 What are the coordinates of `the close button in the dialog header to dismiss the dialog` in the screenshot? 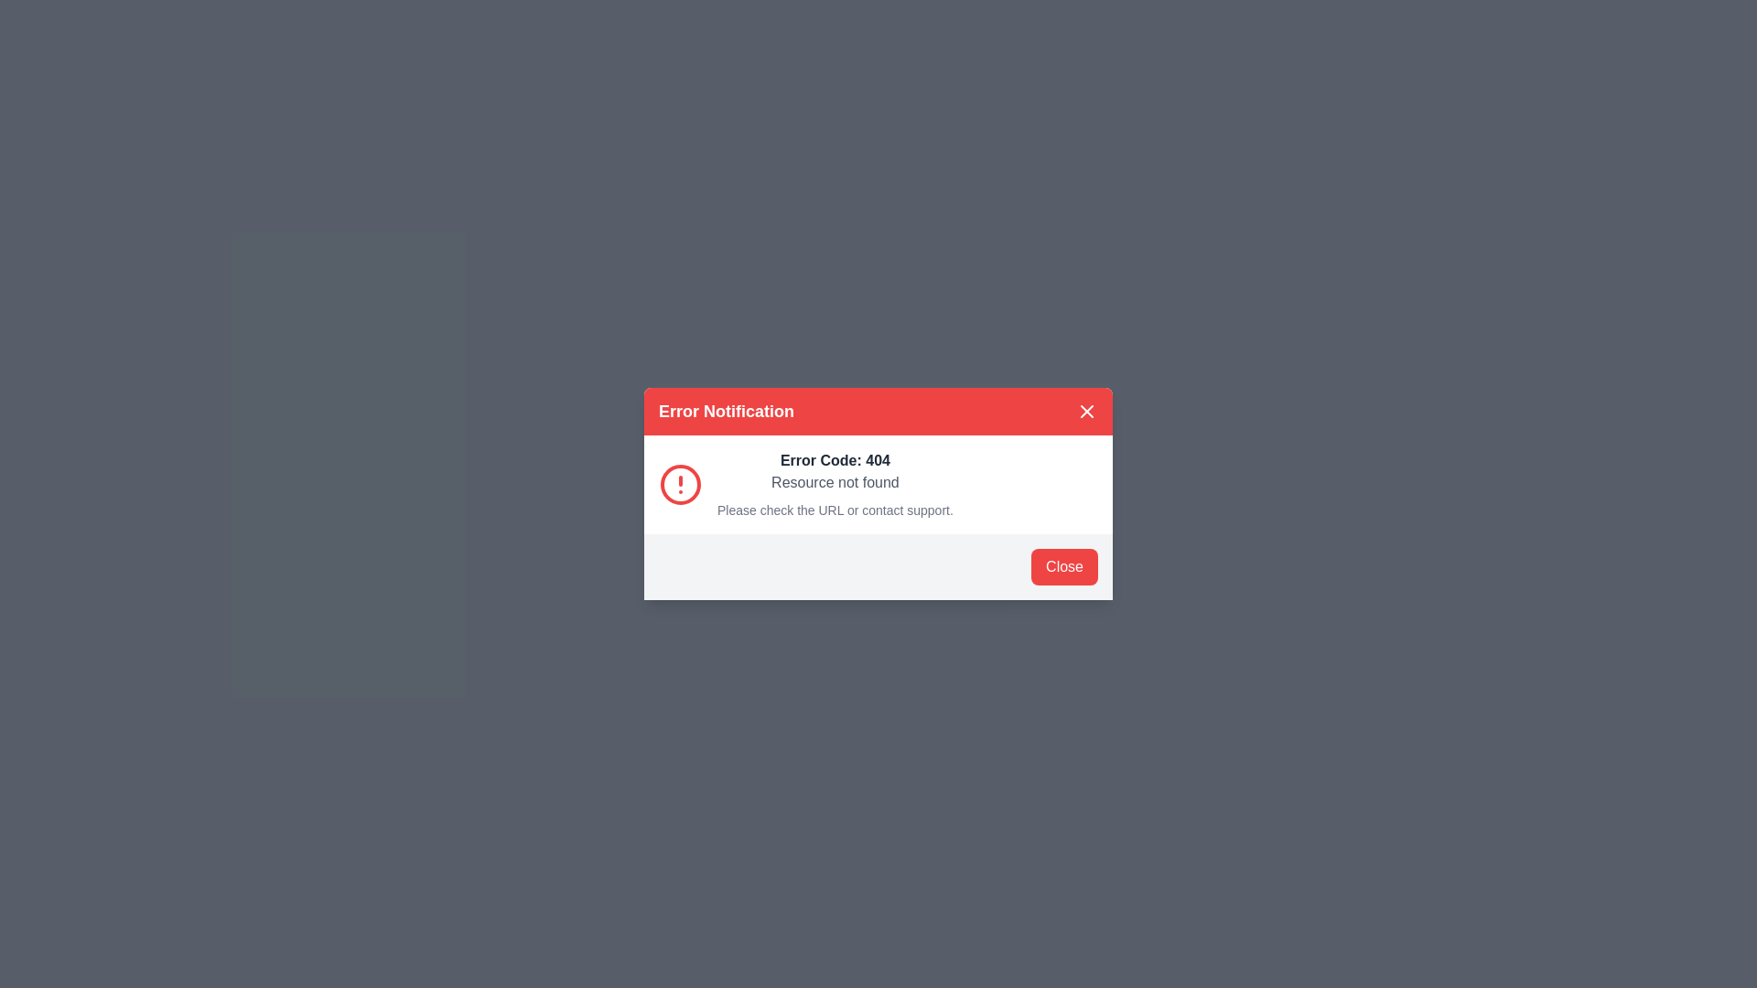 It's located at (1087, 412).